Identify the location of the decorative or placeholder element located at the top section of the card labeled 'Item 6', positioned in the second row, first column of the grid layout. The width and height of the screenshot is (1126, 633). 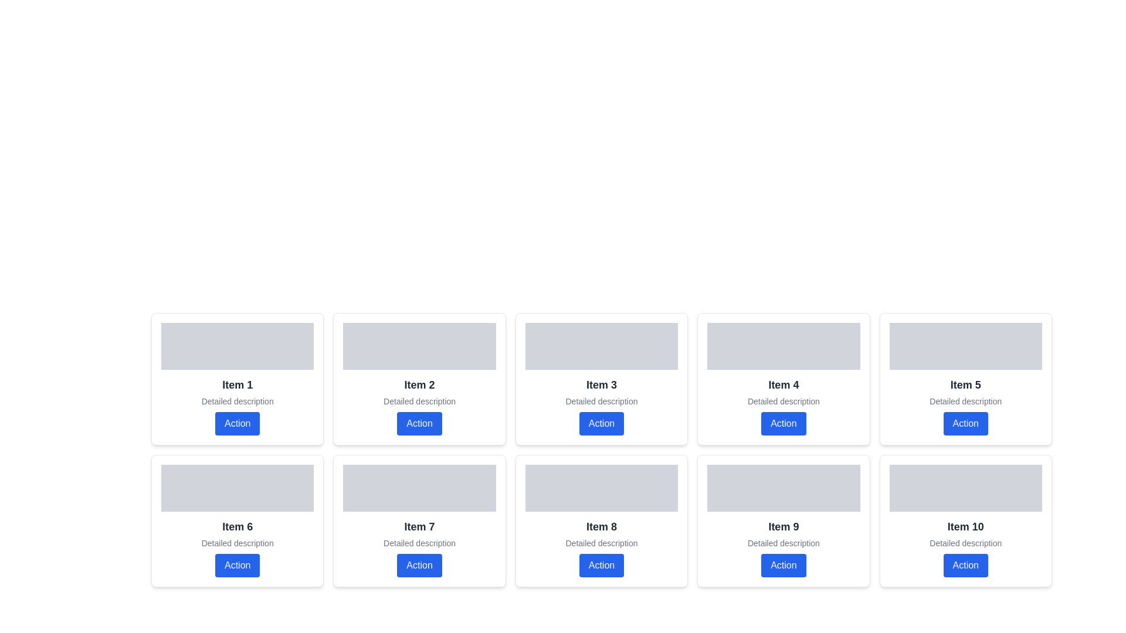
(237, 488).